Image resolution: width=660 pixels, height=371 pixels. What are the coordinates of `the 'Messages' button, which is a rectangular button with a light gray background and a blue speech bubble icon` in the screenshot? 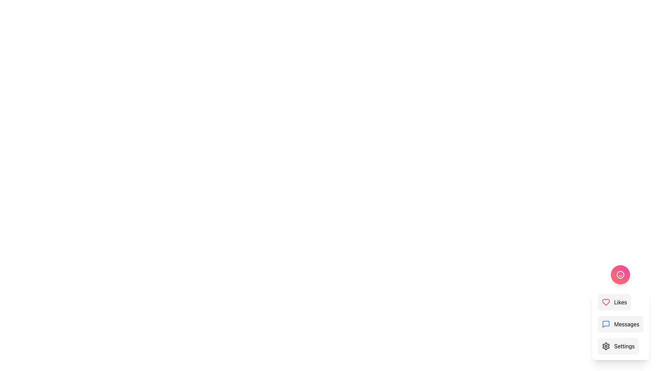 It's located at (620, 324).